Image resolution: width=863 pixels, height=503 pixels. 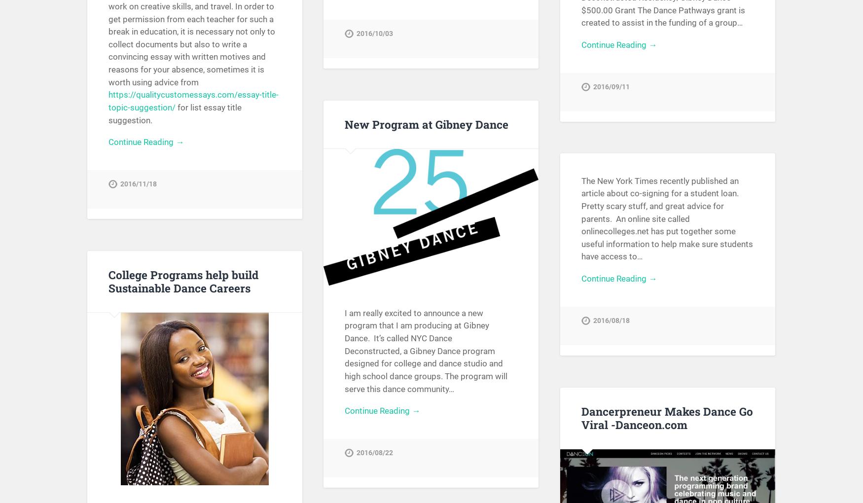 What do you see at coordinates (138, 183) in the screenshot?
I see `'2016/11/18'` at bounding box center [138, 183].